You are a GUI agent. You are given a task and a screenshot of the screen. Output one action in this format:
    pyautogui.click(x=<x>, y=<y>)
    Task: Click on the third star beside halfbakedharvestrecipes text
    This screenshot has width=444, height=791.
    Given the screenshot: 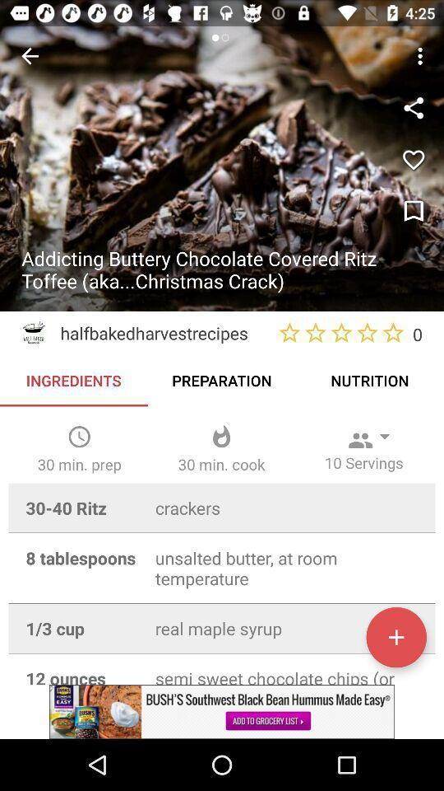 What is the action you would take?
    pyautogui.click(x=340, y=332)
    